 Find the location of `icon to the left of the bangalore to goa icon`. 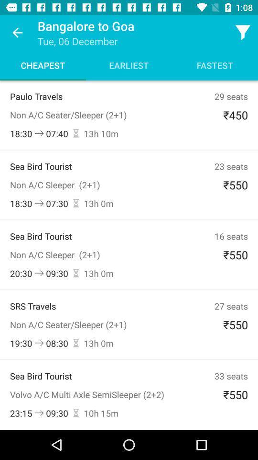

icon to the left of the bangalore to goa icon is located at coordinates (17, 33).